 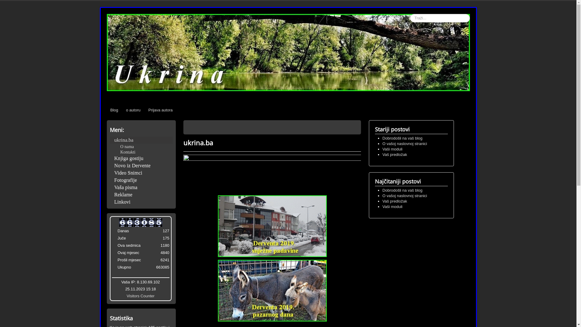 What do you see at coordinates (120, 151) in the screenshot?
I see `'Kontakti'` at bounding box center [120, 151].